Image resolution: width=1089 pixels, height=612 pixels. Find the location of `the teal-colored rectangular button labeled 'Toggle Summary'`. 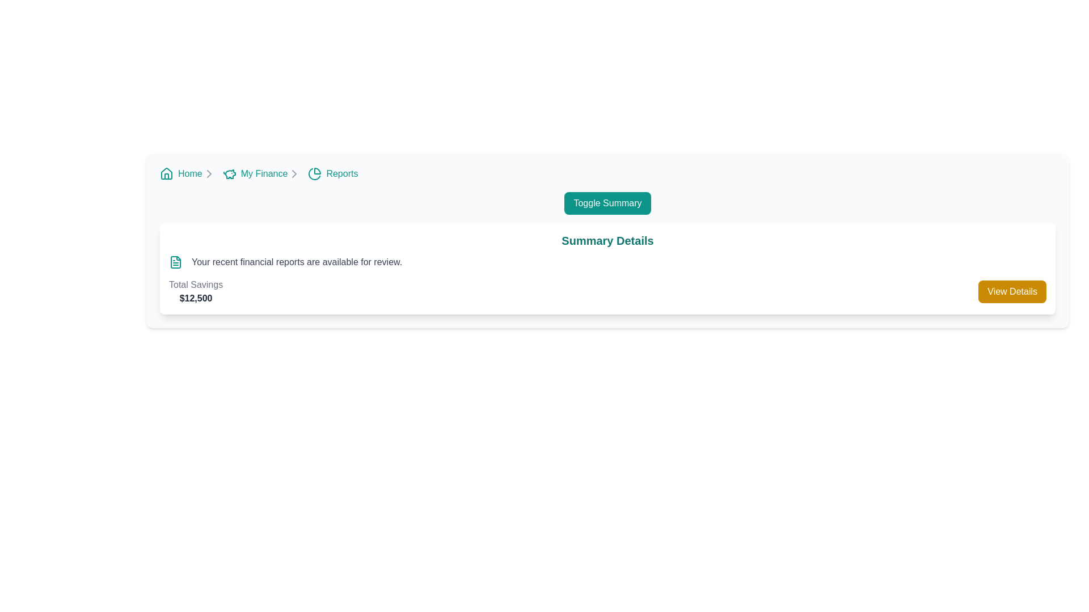

the teal-colored rectangular button labeled 'Toggle Summary' is located at coordinates (607, 202).